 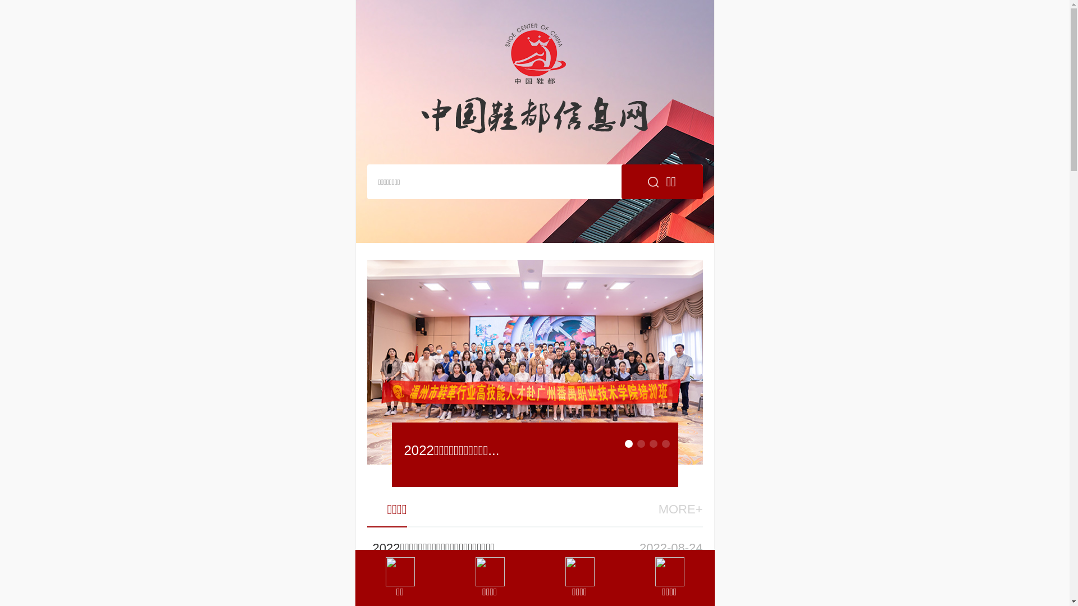 What do you see at coordinates (680, 509) in the screenshot?
I see `'MORE+'` at bounding box center [680, 509].